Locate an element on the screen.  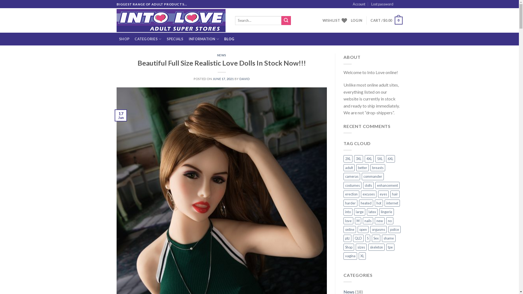
'love' is located at coordinates (348, 220).